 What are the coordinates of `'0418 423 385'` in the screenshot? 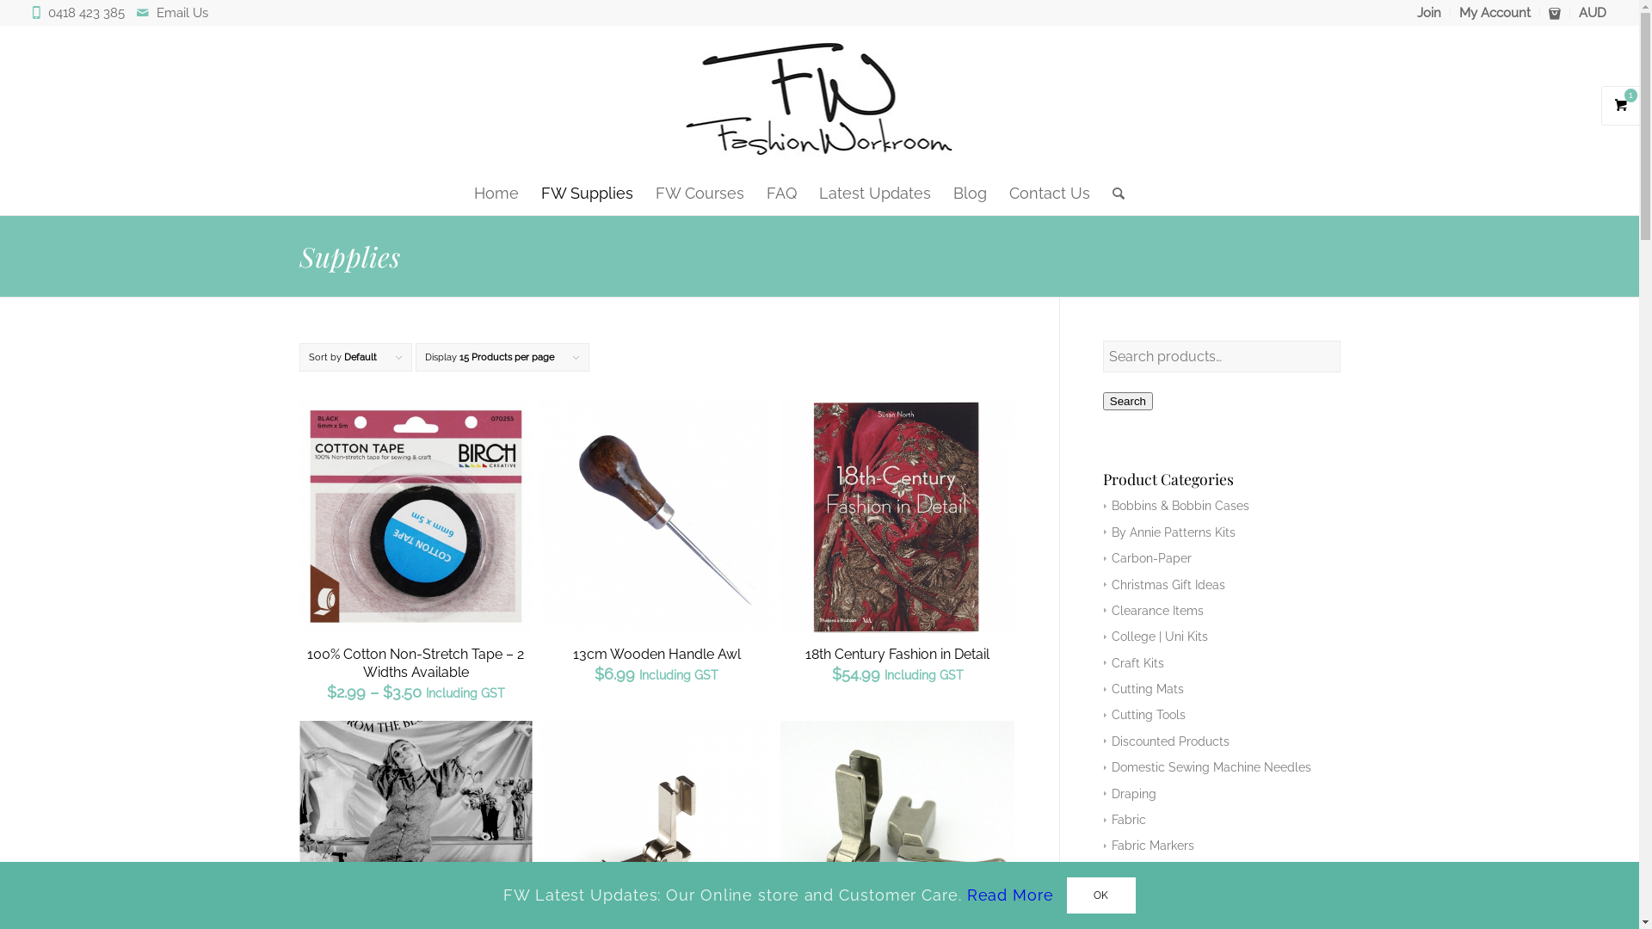 It's located at (89, 13).